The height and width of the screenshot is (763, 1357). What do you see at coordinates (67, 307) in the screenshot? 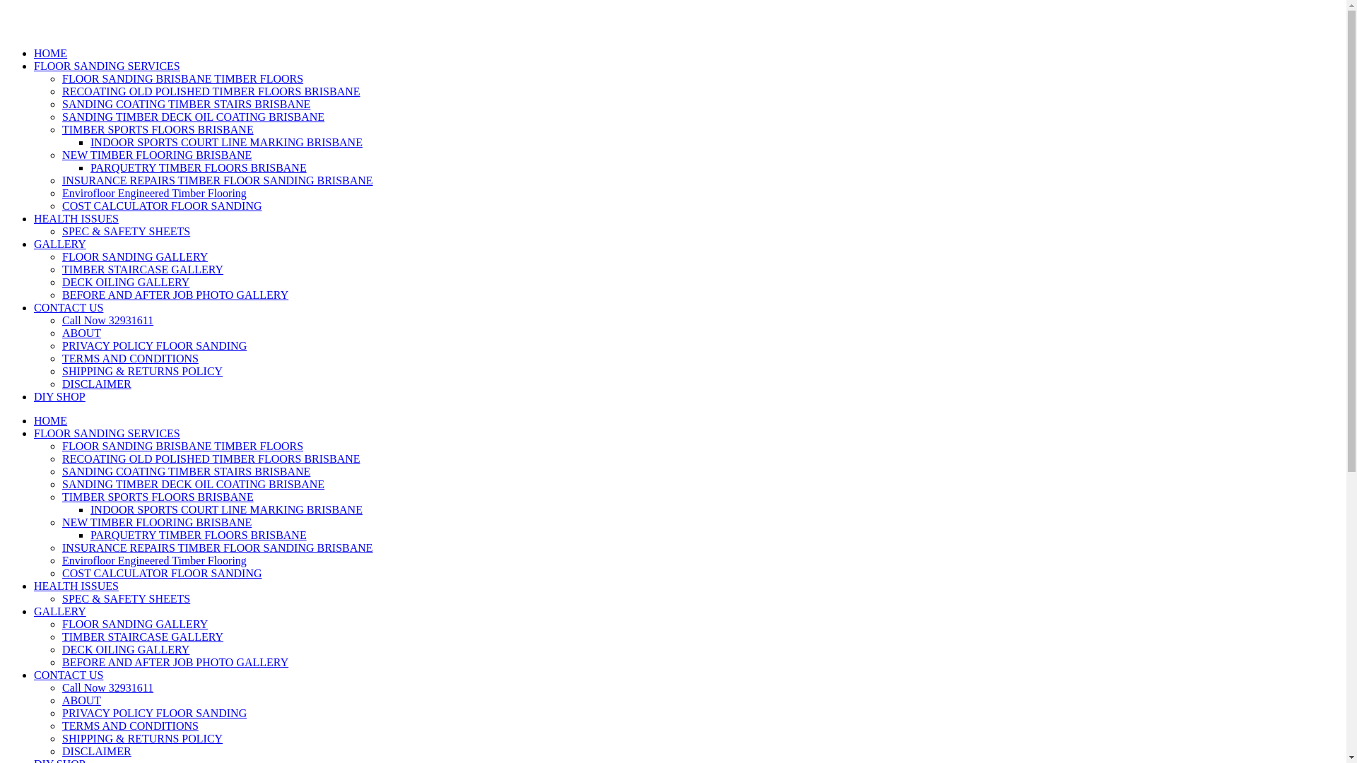
I see `'CONTACT US'` at bounding box center [67, 307].